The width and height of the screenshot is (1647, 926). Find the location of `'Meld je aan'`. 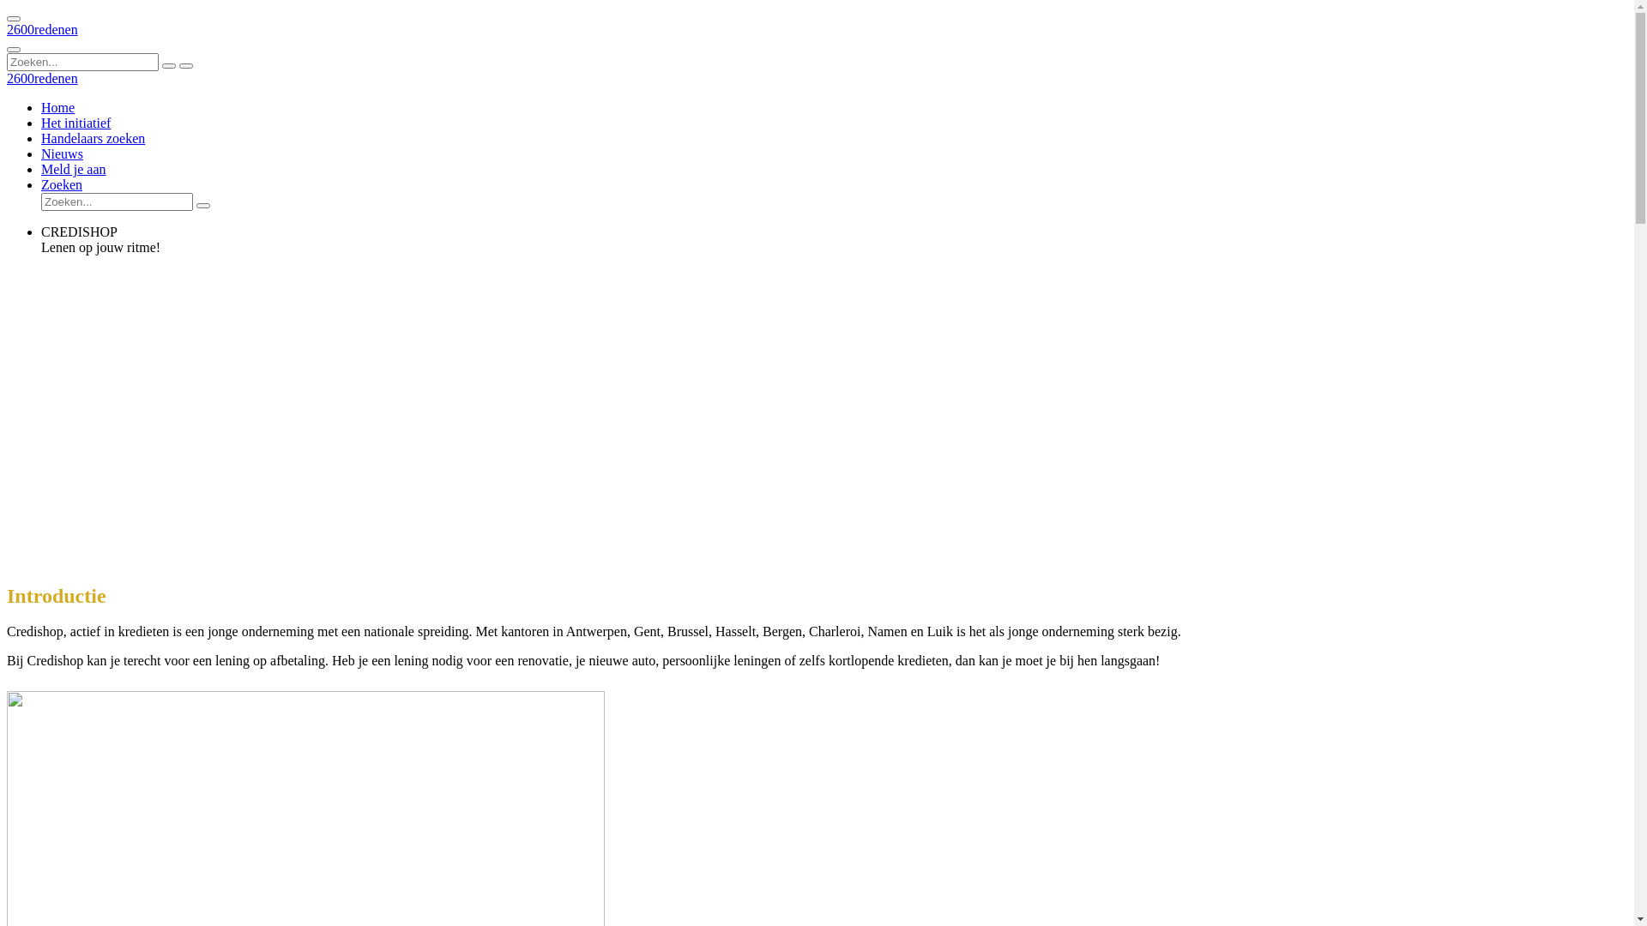

'Meld je aan' is located at coordinates (73, 169).